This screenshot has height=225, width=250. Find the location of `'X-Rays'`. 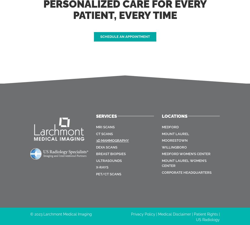

'X-Rays' is located at coordinates (102, 167).